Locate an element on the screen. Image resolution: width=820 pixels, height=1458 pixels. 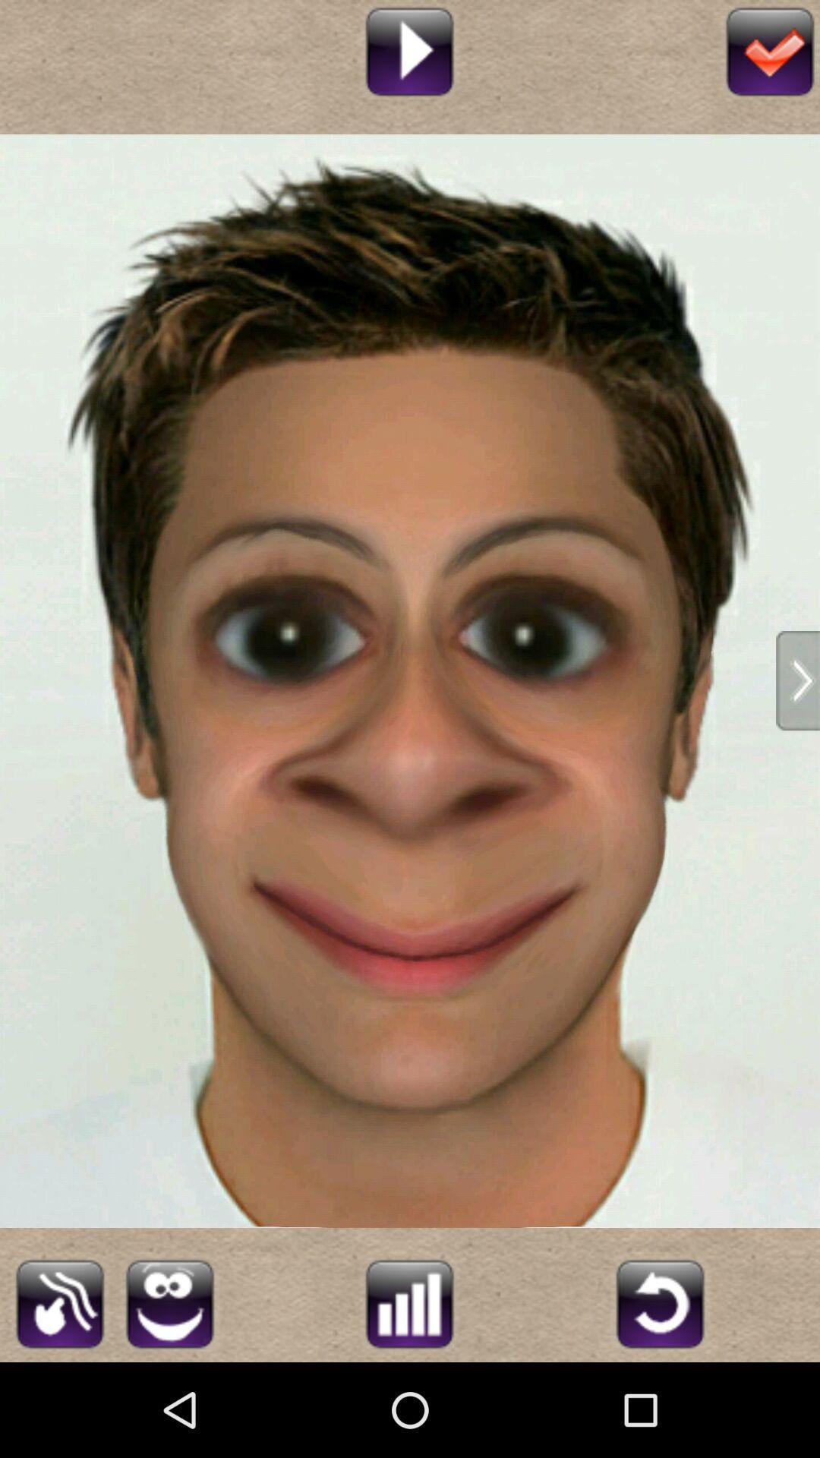
the emoji icon is located at coordinates (169, 1393).